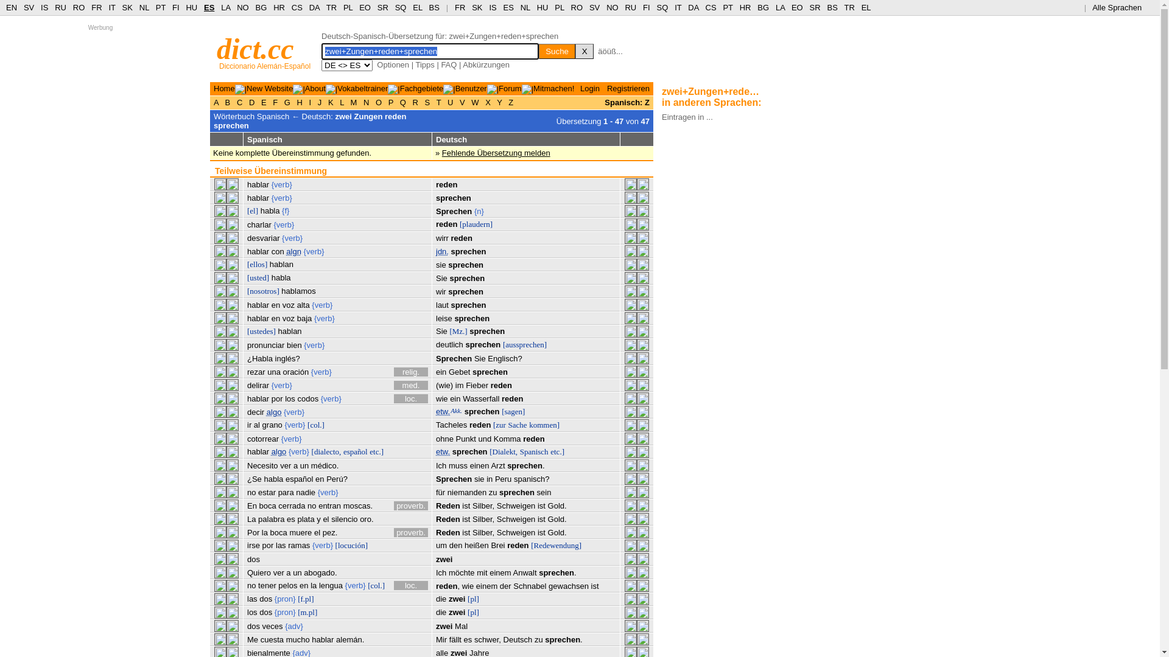 This screenshot has width=1169, height=657. I want to click on 'HU', so click(542, 7).